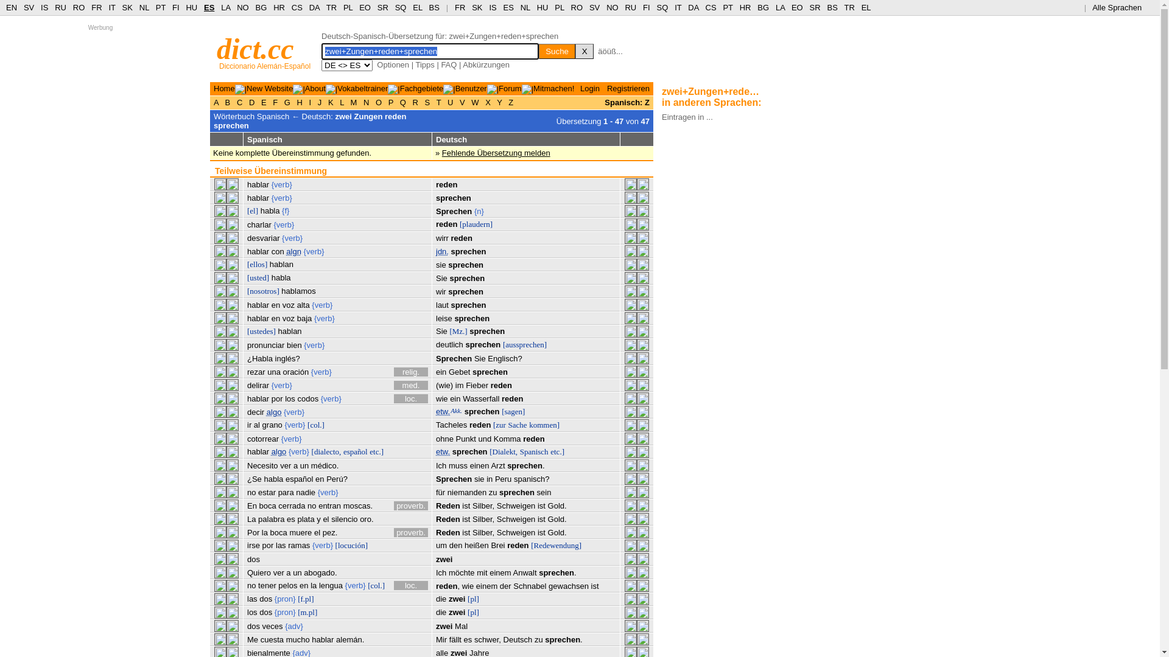 This screenshot has width=1169, height=657. I want to click on 'HU', so click(542, 7).